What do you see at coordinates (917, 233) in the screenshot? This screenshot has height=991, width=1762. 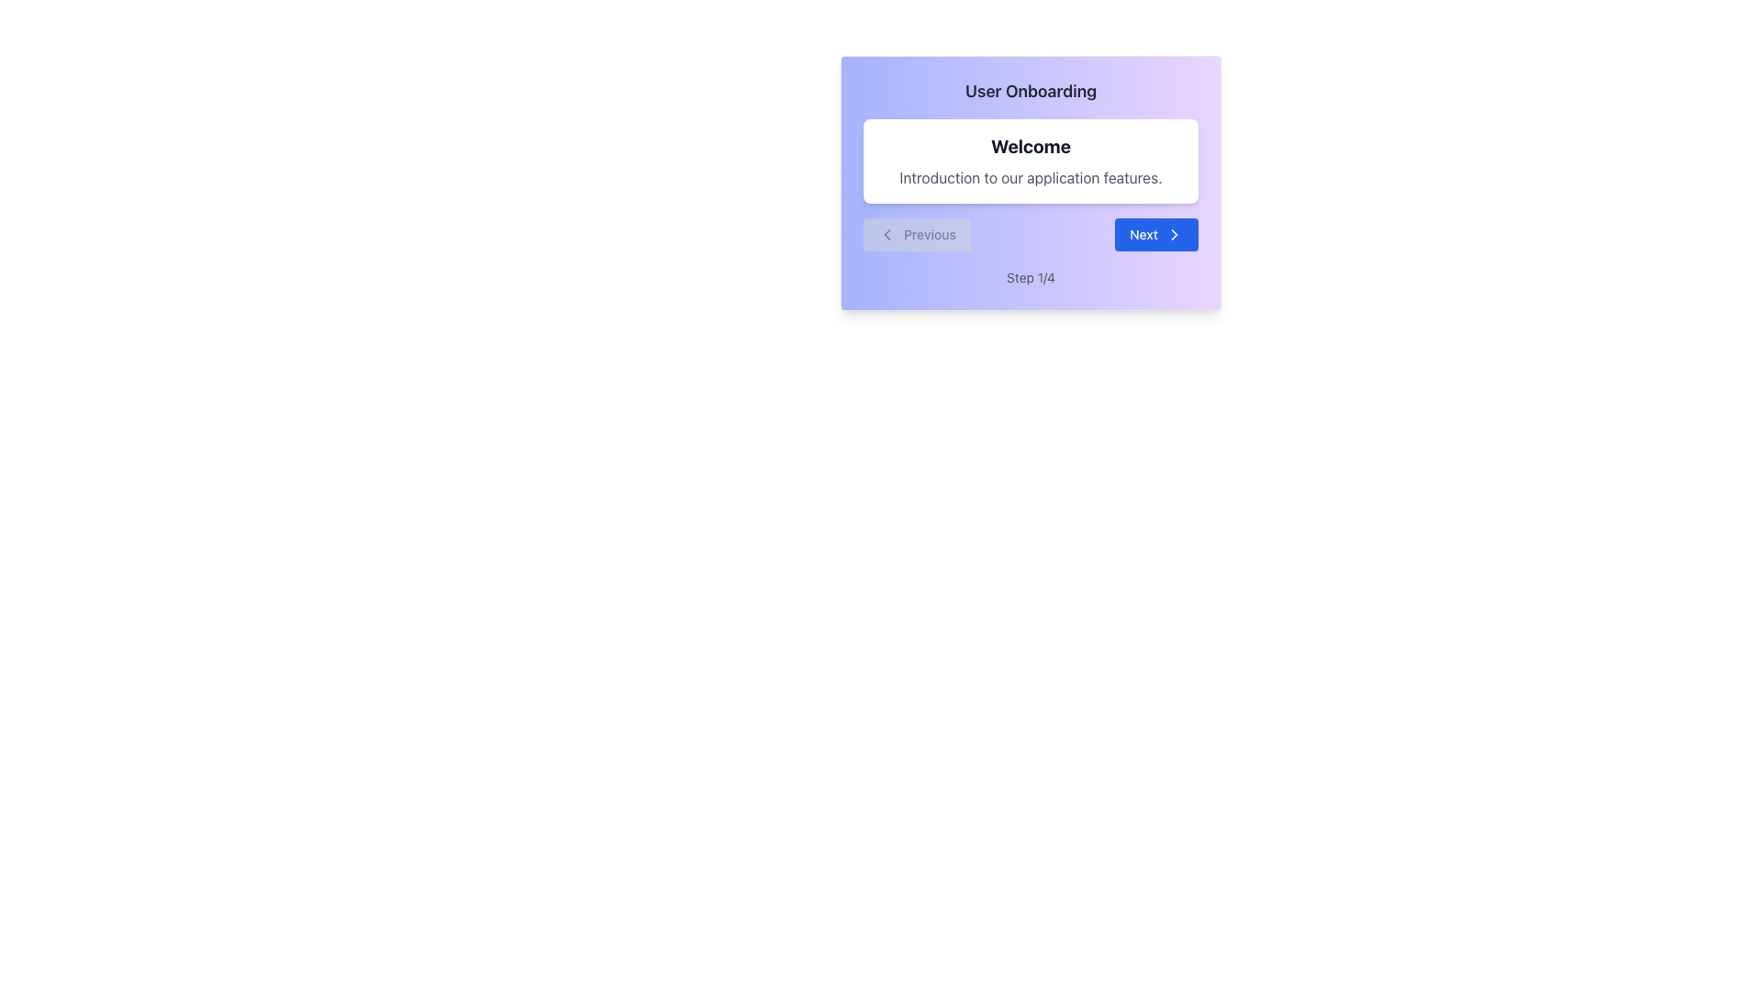 I see `the 'Previous' button located at the bottom-left corner of the dialog box` at bounding box center [917, 233].